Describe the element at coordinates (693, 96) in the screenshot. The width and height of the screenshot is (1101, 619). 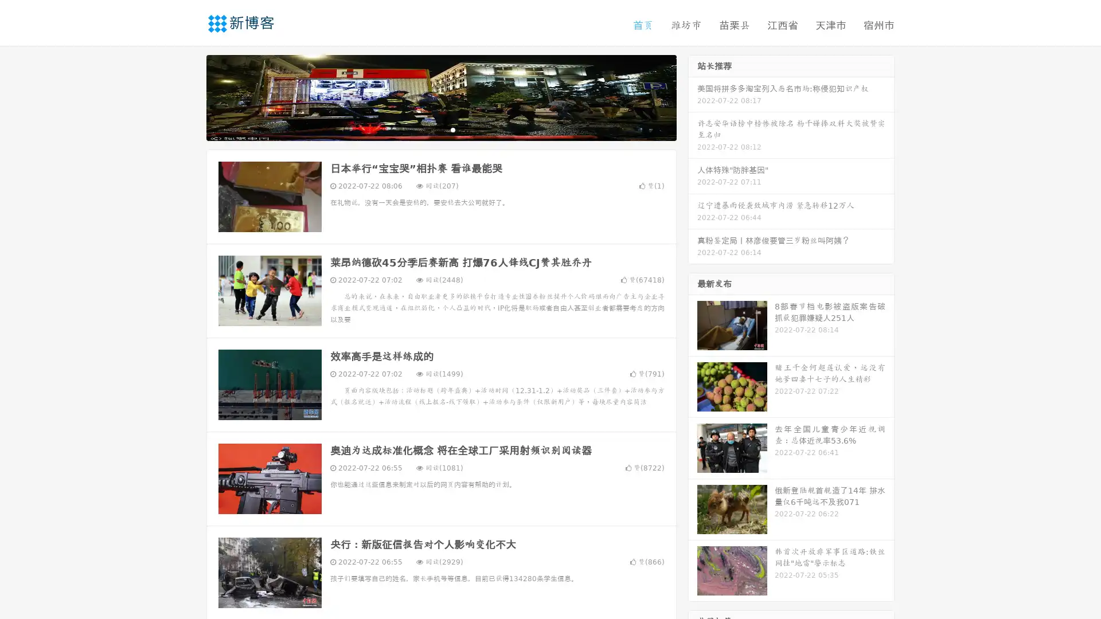
I see `Next slide` at that location.